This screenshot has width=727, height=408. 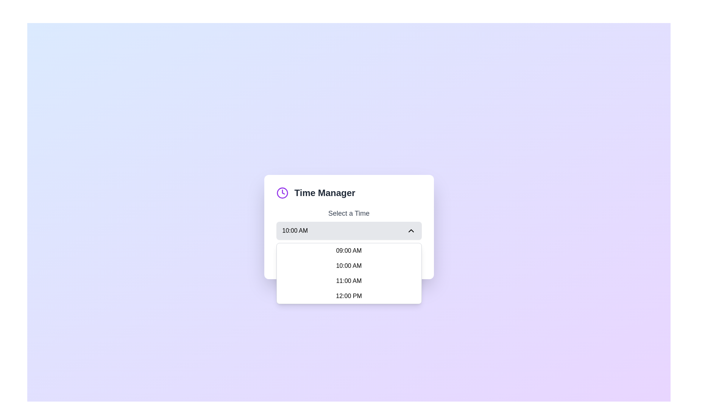 What do you see at coordinates (282, 192) in the screenshot?
I see `the clock icon located at the leftmost position in the header section of the card containing the 'Time Manager' title to interact with its time management functionality` at bounding box center [282, 192].